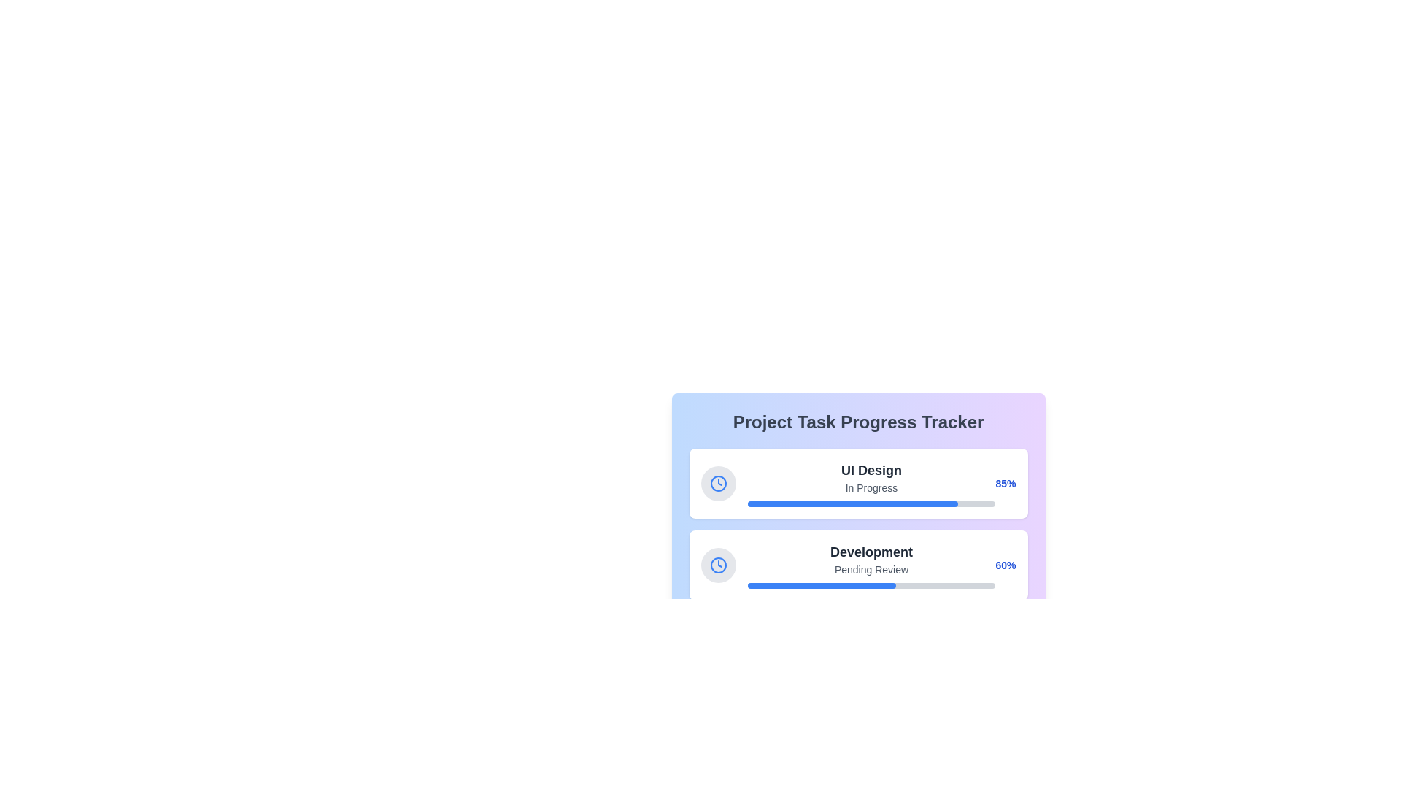  What do you see at coordinates (858, 484) in the screenshot?
I see `the composite card component that represents the status and progress of the project task 'UI Design', which is the first item in a vertical list of similar components` at bounding box center [858, 484].